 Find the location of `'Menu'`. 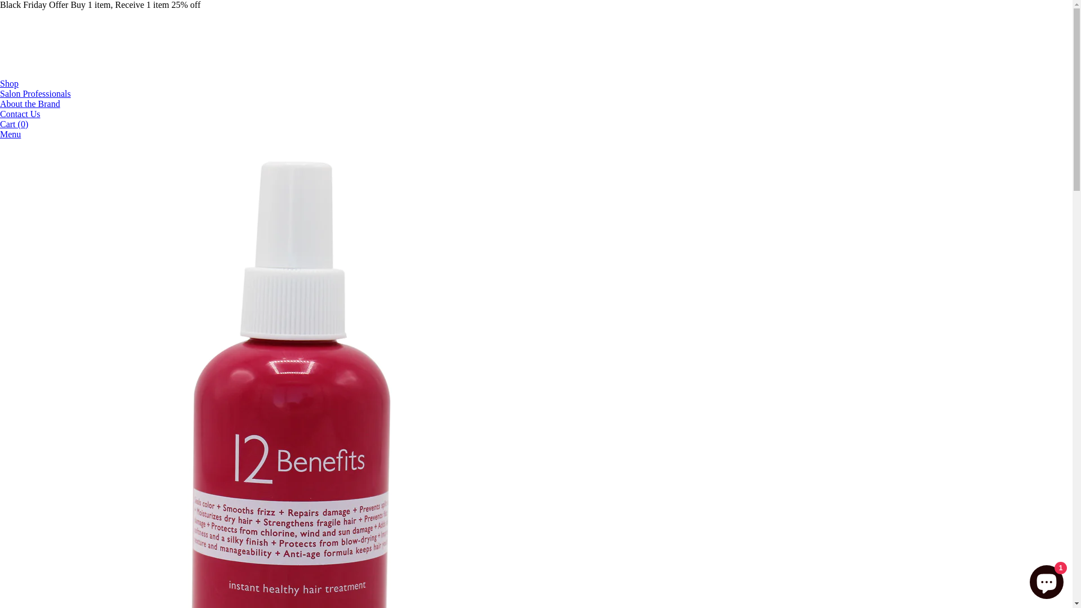

'Menu' is located at coordinates (10, 133).